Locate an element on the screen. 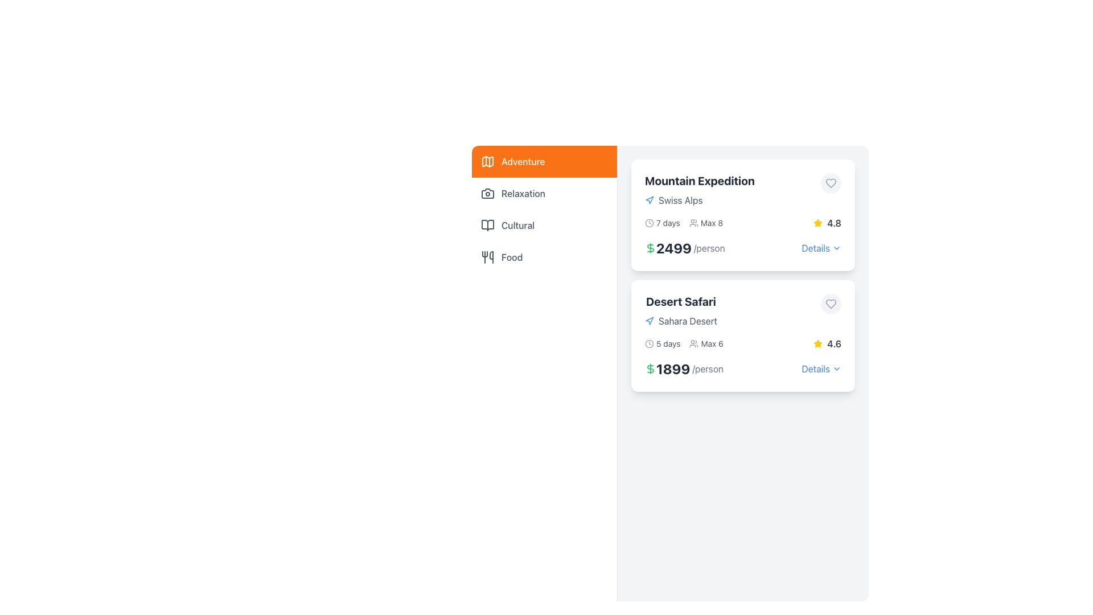 The image size is (1093, 615). the static text label that indicates the maximum allowable group size for the 'Desert Safari' trip, located to the right of the people icon is located at coordinates (712, 343).